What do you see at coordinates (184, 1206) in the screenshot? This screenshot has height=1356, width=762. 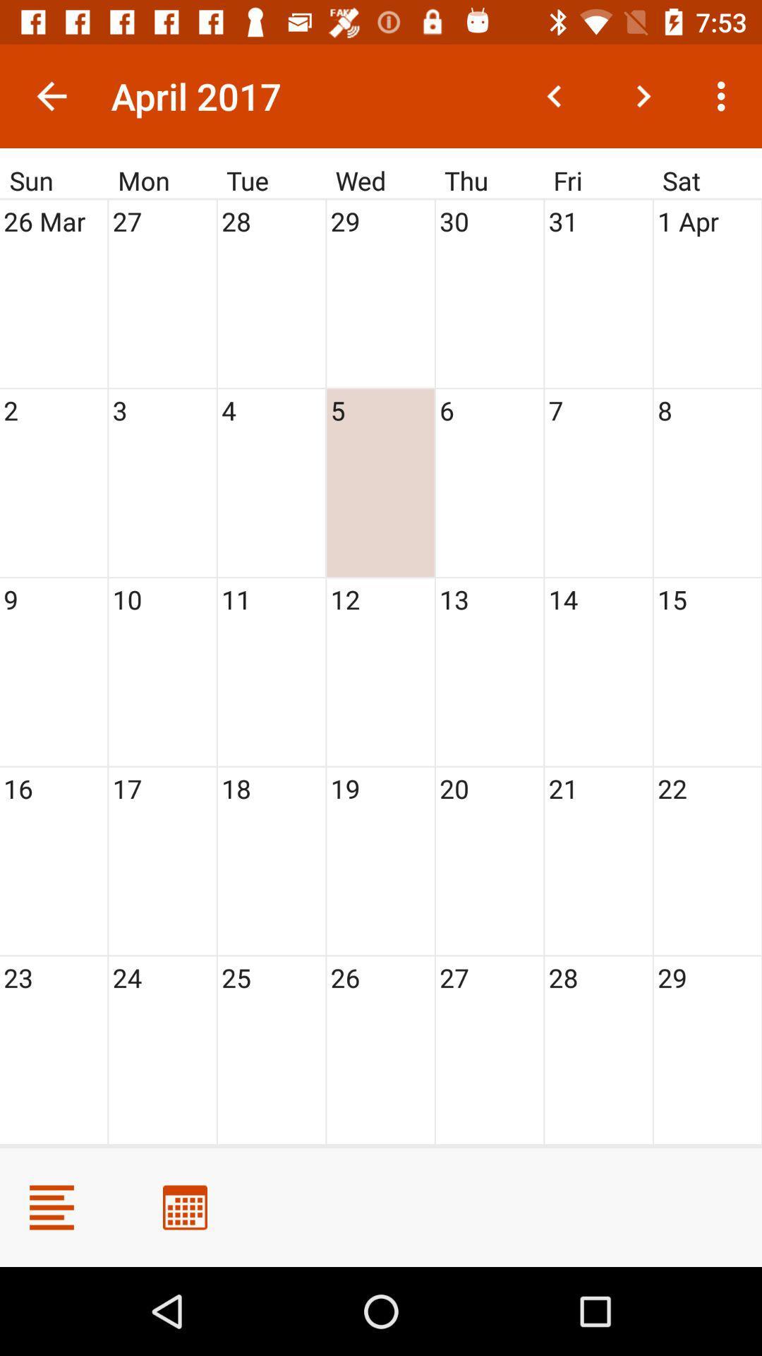 I see `calendar option` at bounding box center [184, 1206].